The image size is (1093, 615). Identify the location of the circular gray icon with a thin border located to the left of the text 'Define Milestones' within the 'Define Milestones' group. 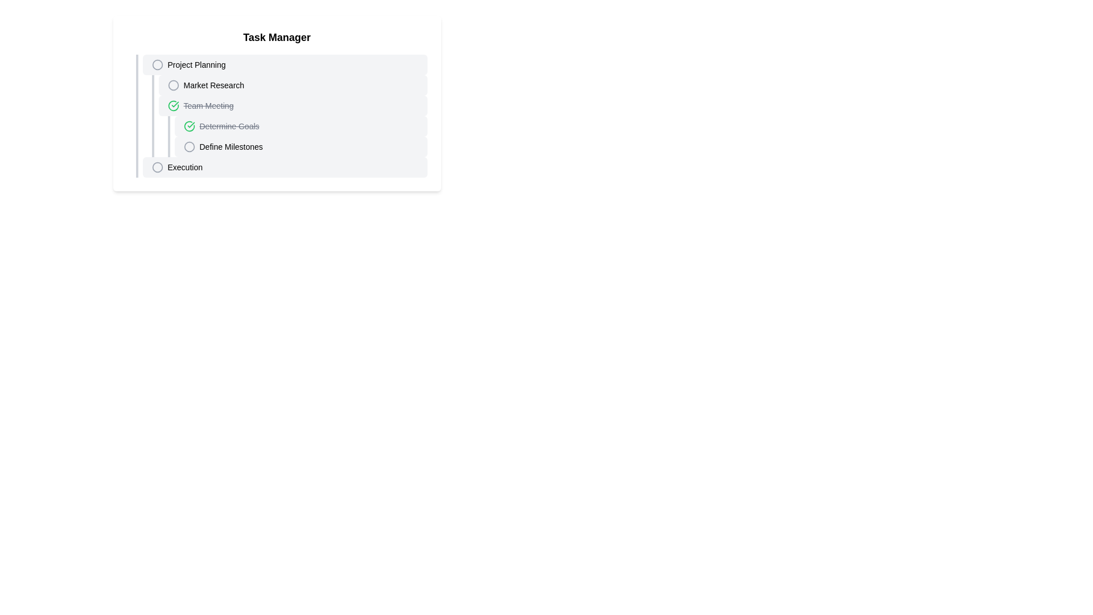
(189, 146).